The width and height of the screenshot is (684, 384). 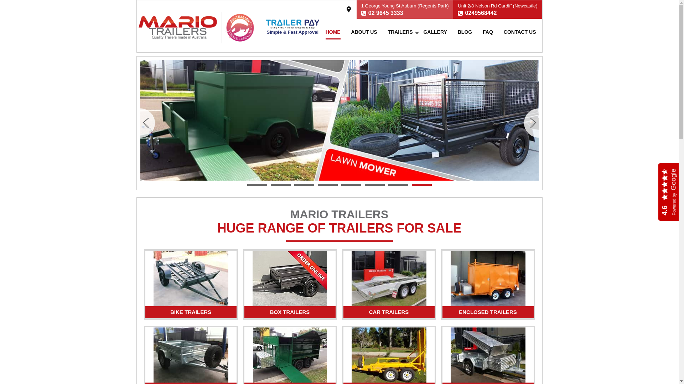 What do you see at coordinates (190, 355) in the screenshot?
I see `'Galvanised Trailers'` at bounding box center [190, 355].